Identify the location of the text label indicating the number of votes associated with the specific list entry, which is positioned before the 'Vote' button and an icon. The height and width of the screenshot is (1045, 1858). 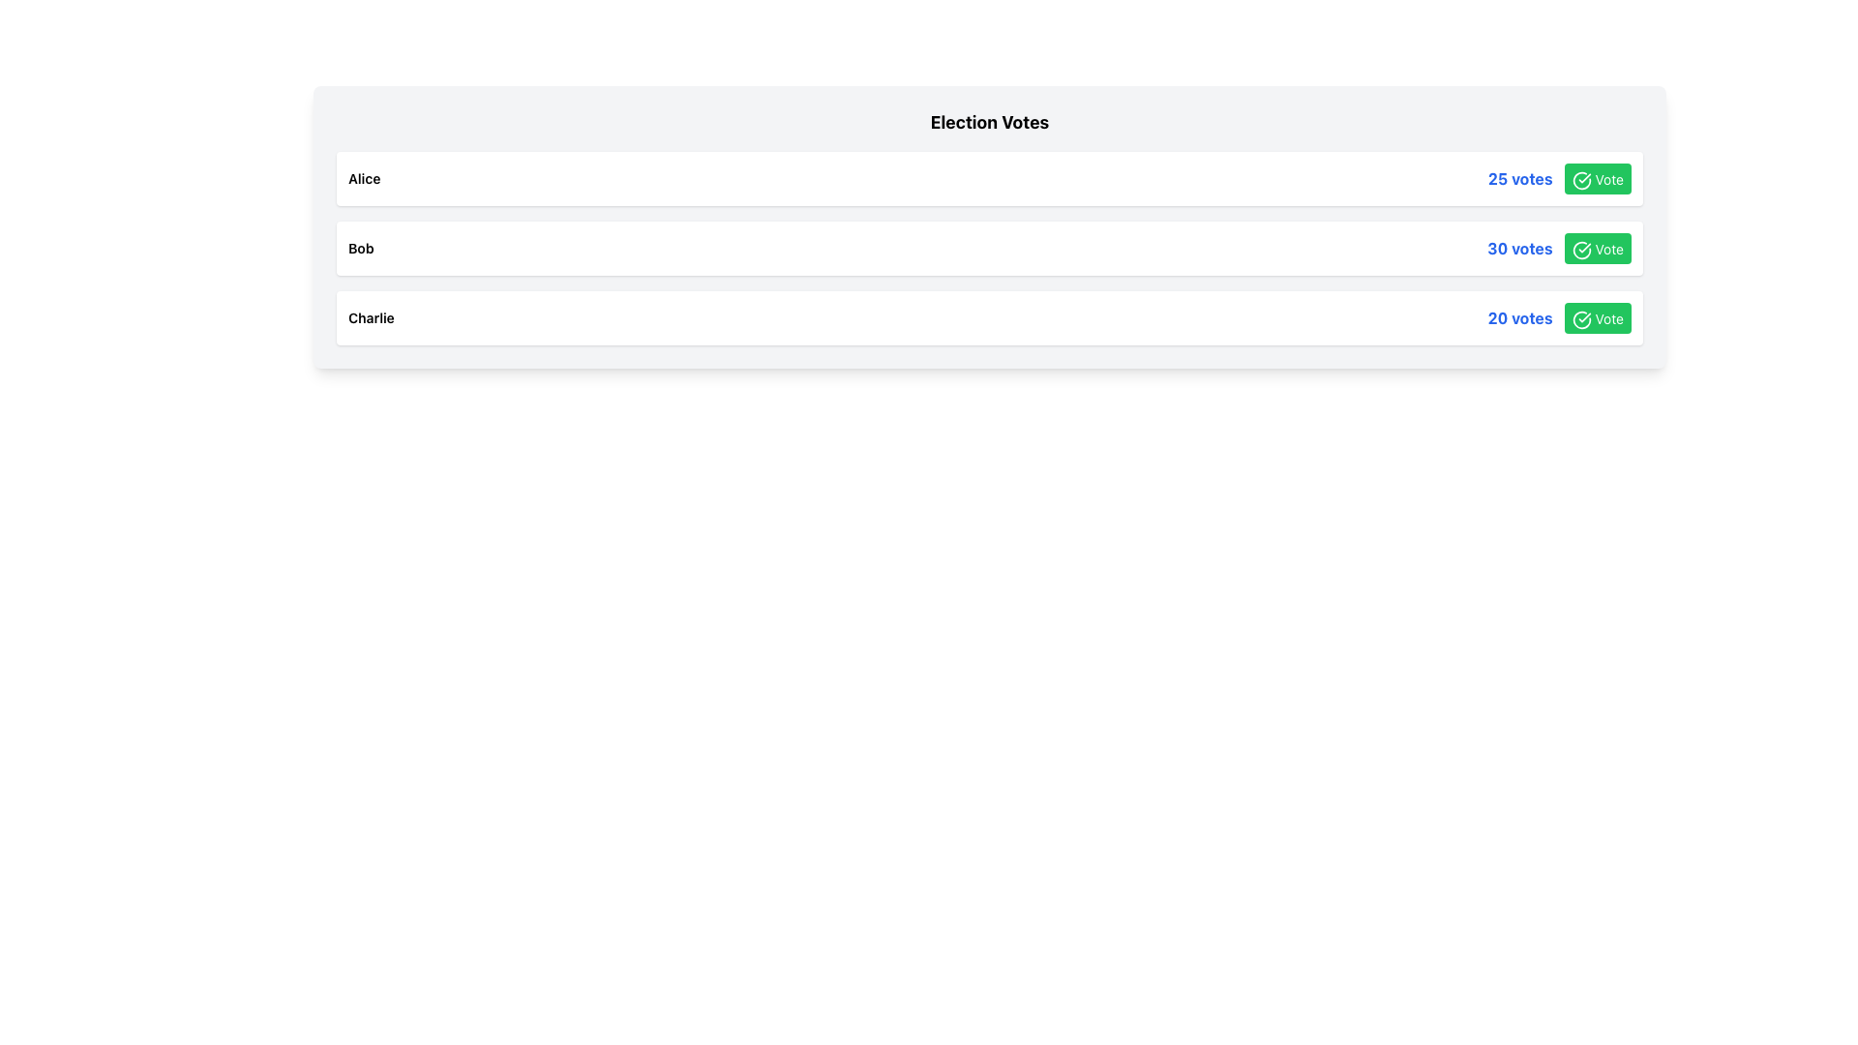
(1519, 179).